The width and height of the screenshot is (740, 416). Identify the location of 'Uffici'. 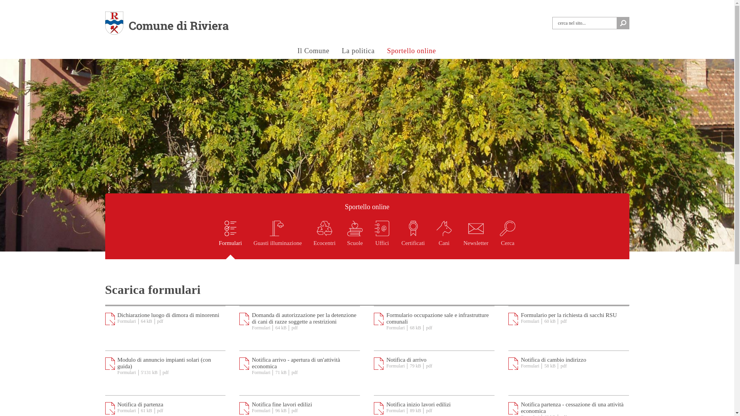
(382, 240).